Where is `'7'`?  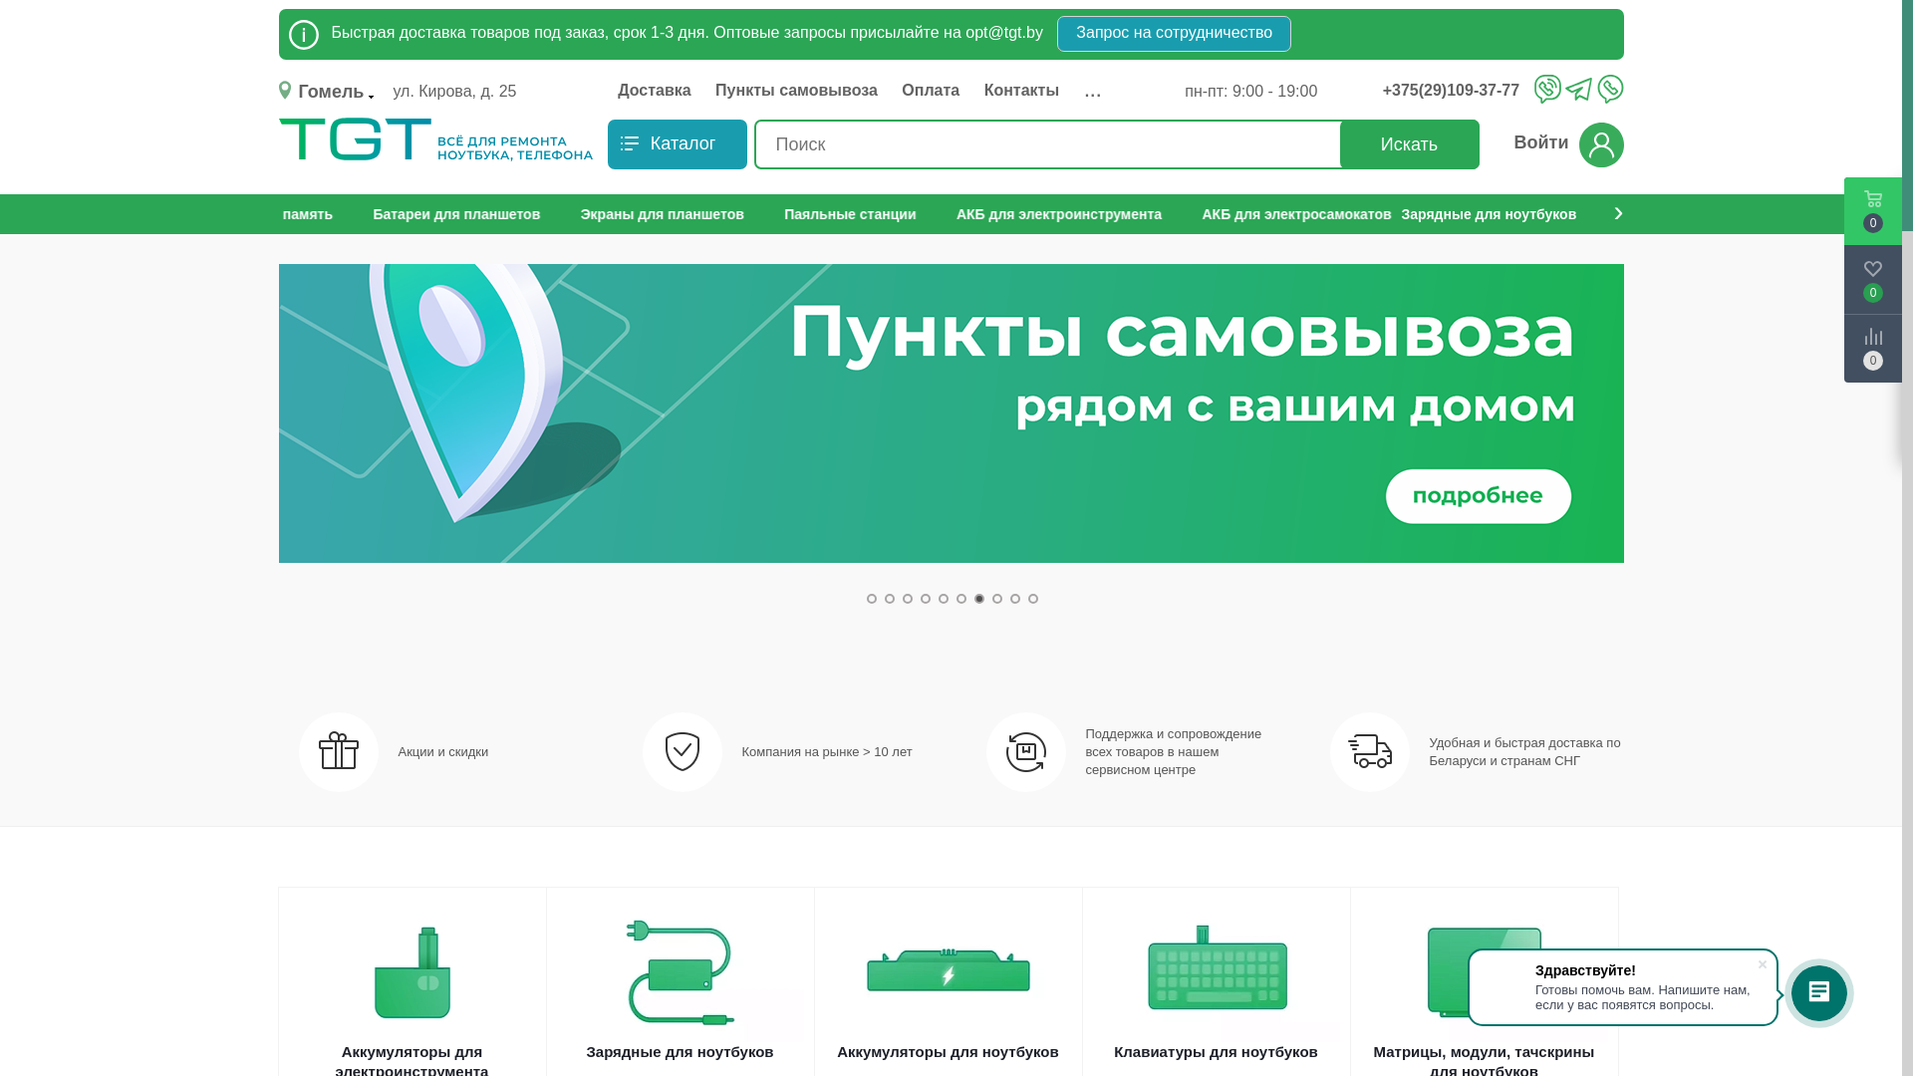
'7' is located at coordinates (979, 598).